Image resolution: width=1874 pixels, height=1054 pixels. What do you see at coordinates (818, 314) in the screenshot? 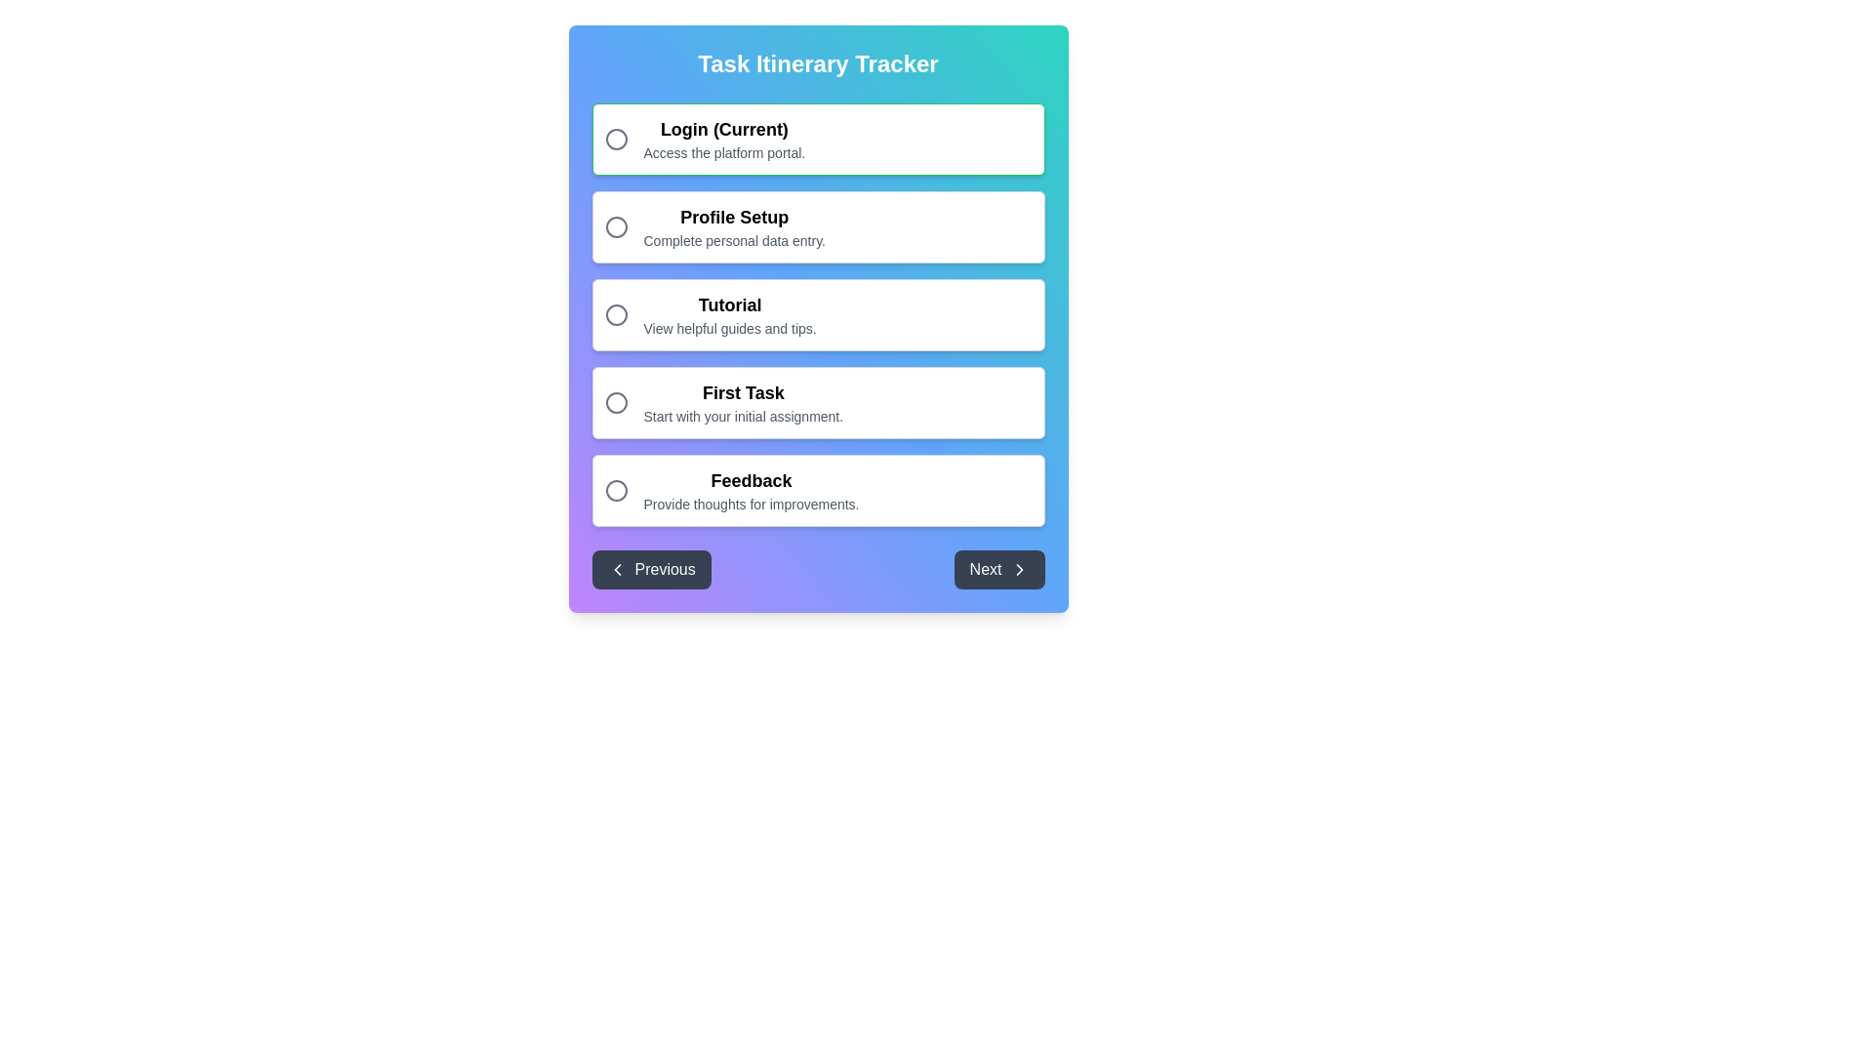
I see `to select the interactive card titled 'Tutorial' in the task tracker interface, which is the third card in the vertical list of cards` at bounding box center [818, 314].